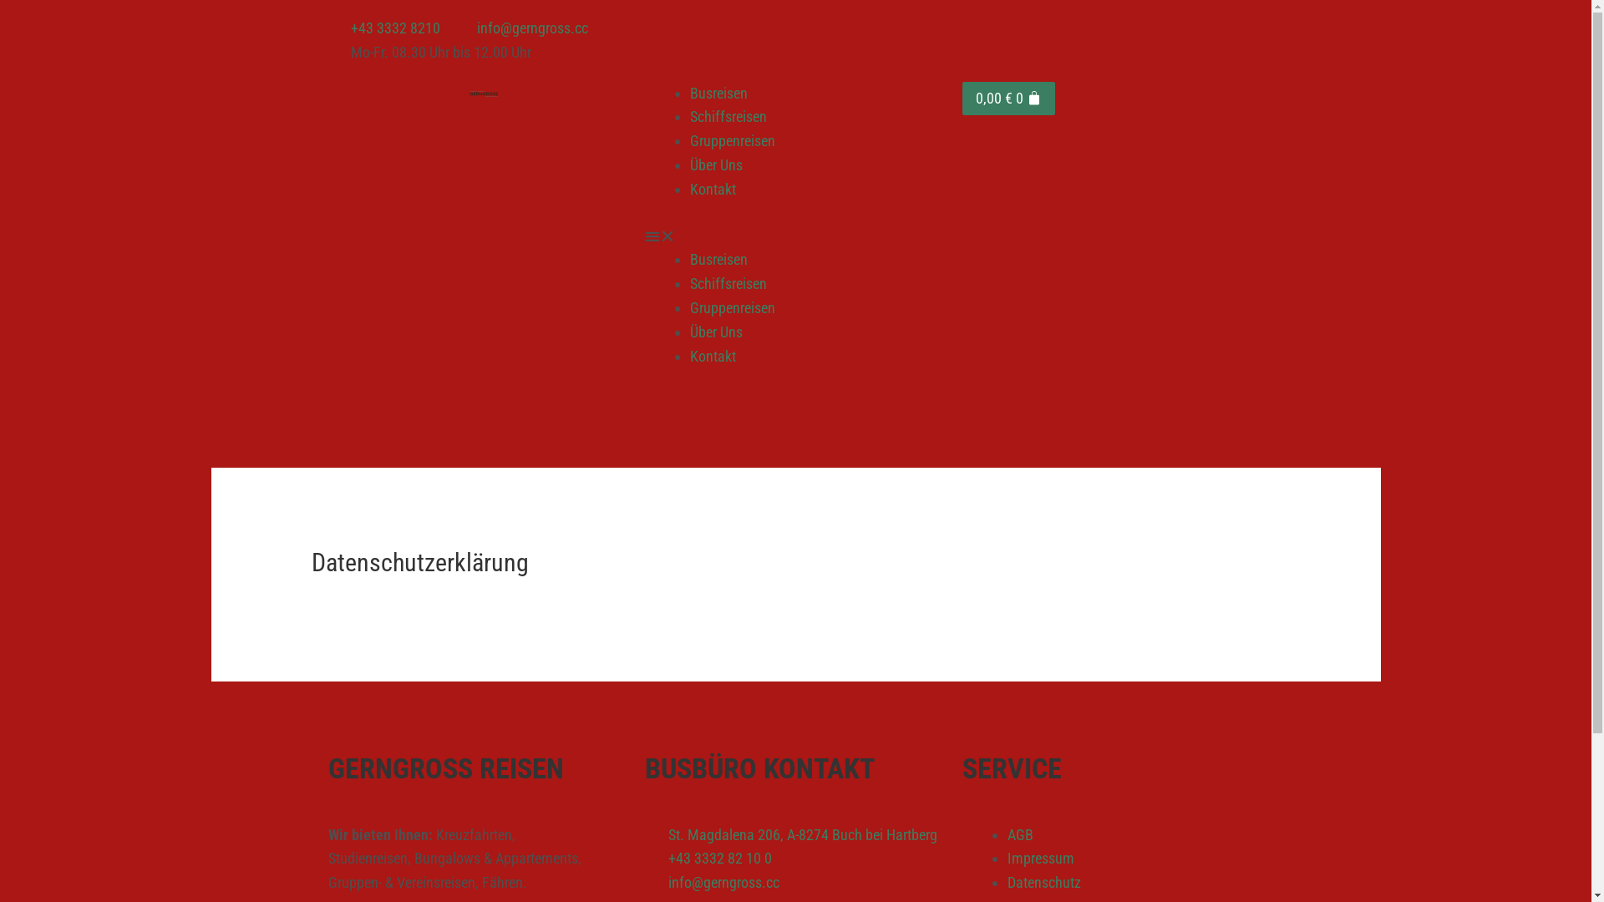  I want to click on 'Impressum', so click(1040, 858).